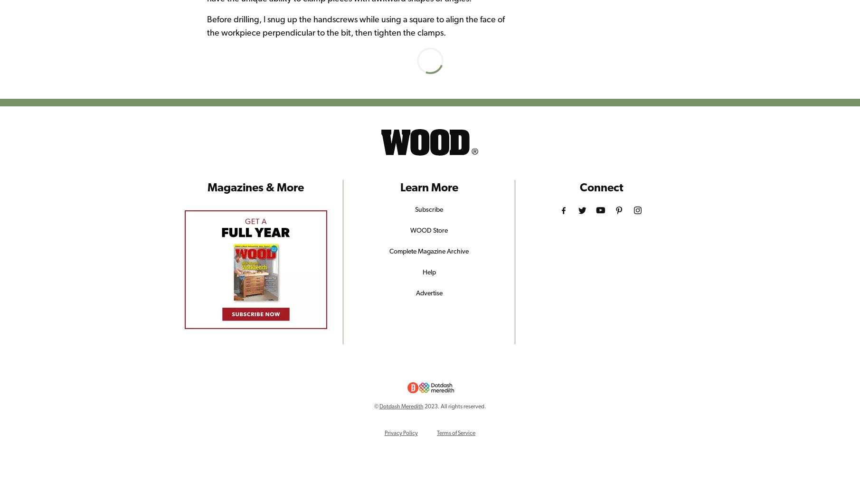  Describe the element at coordinates (255, 186) in the screenshot. I see `'Magazines & More'` at that location.